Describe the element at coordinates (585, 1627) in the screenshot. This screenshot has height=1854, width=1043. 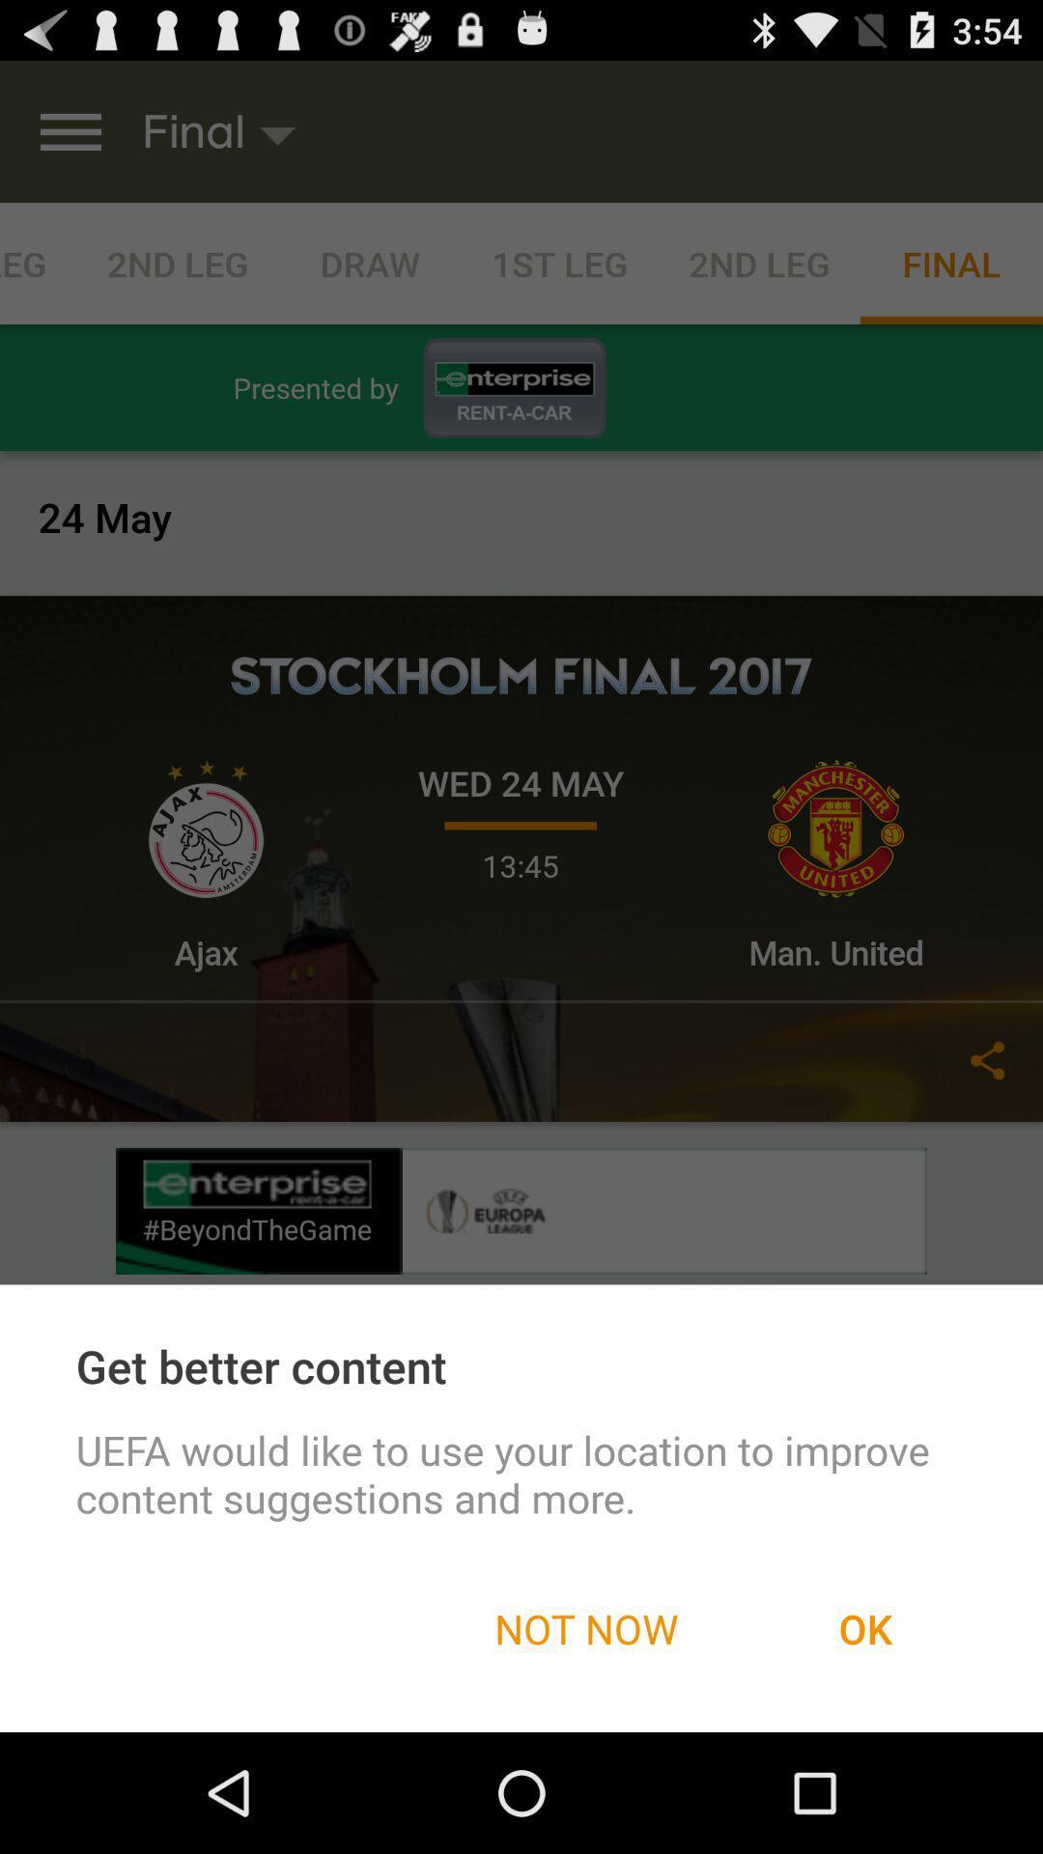
I see `the not now item` at that location.